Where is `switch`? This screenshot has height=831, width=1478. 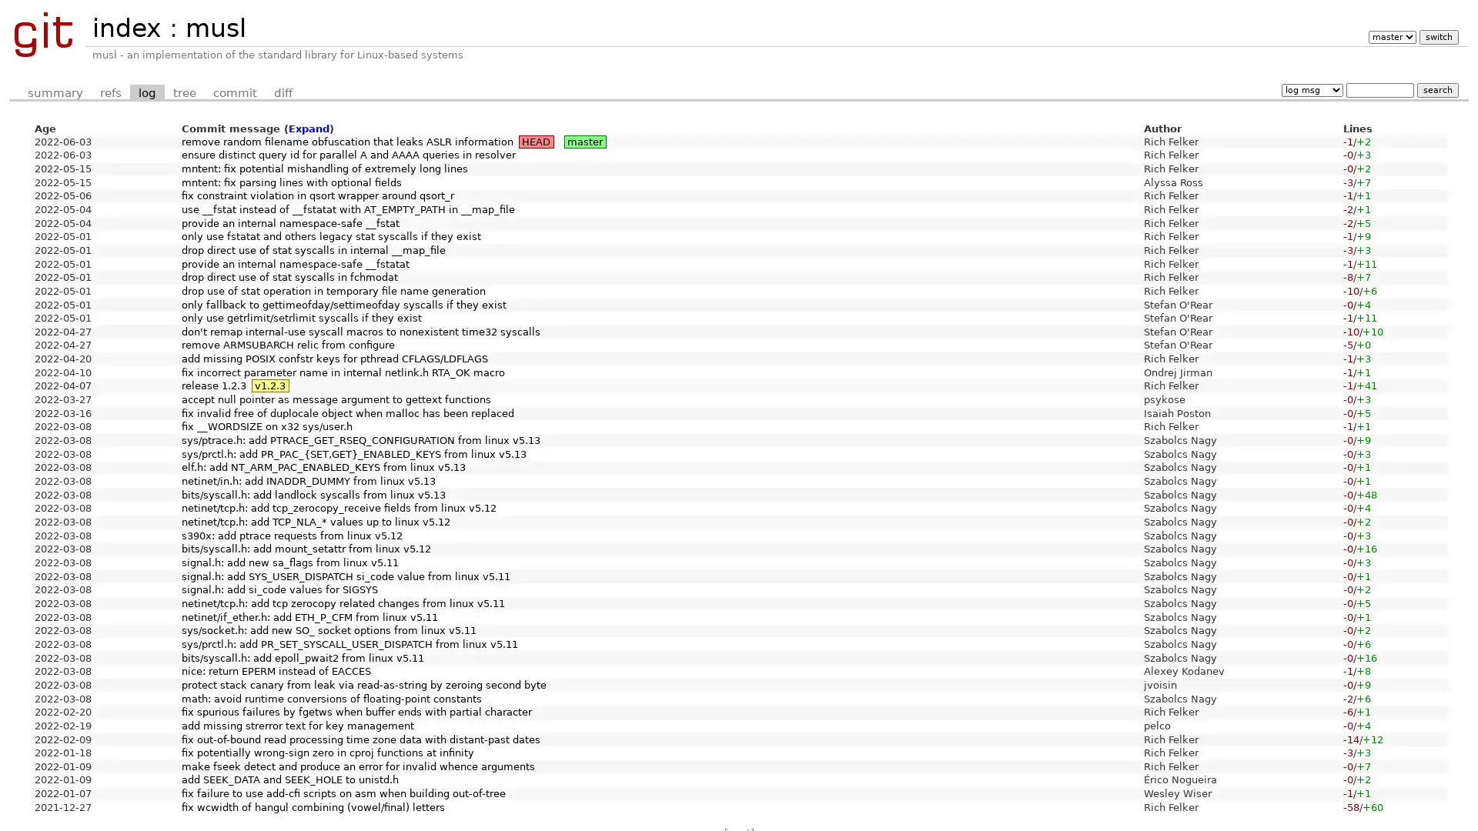 switch is located at coordinates (1437, 36).